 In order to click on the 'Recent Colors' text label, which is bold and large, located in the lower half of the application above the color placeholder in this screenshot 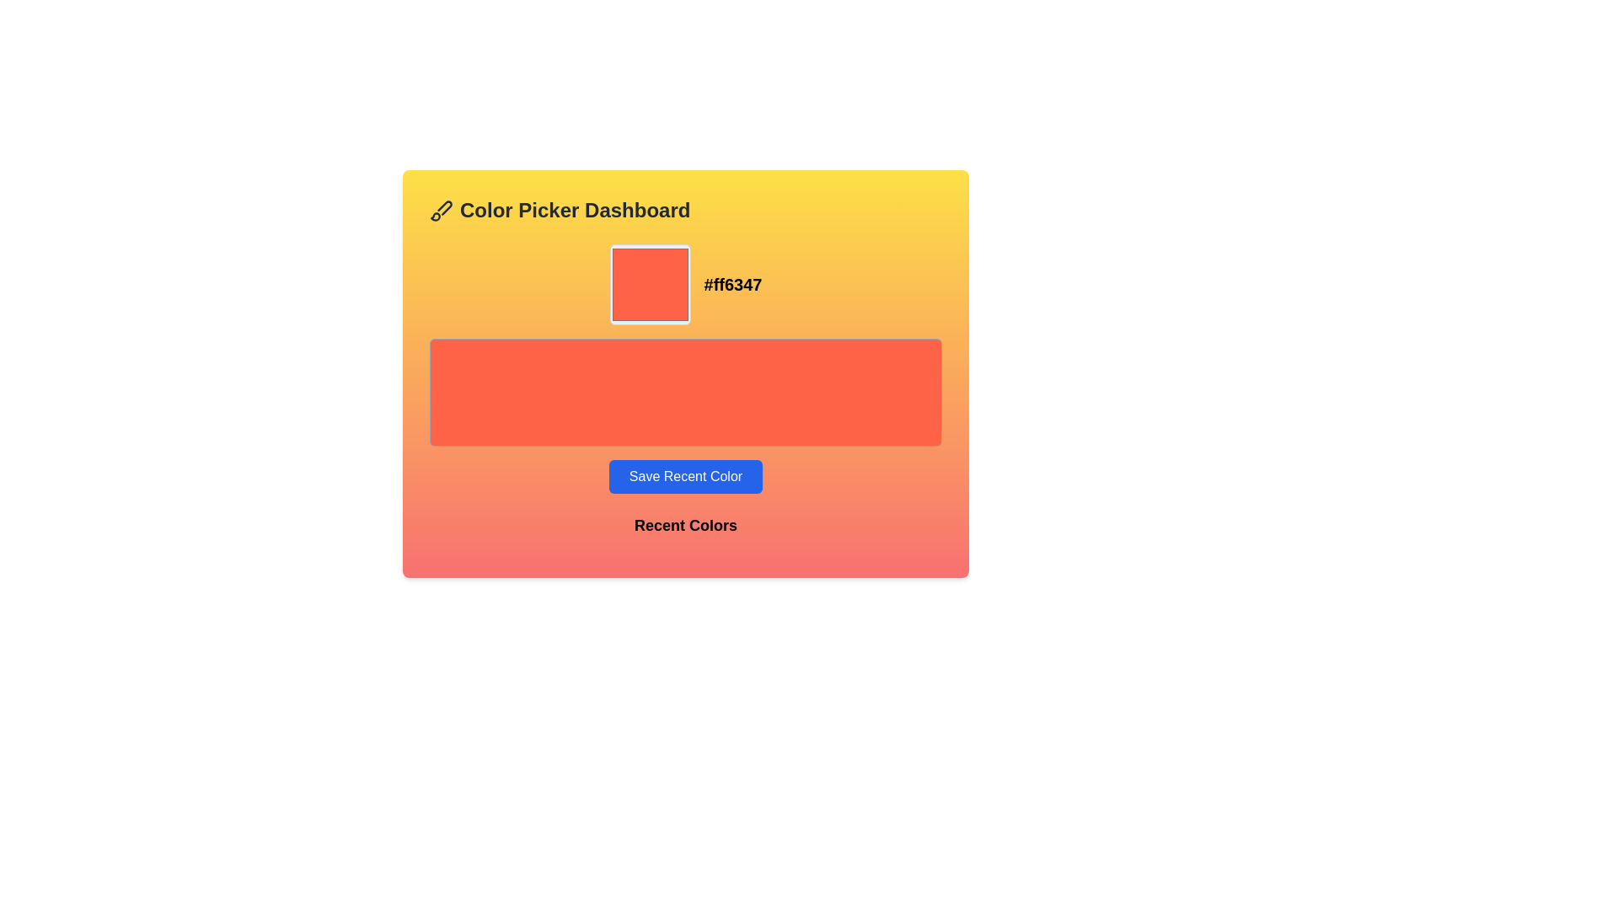, I will do `click(686, 525)`.